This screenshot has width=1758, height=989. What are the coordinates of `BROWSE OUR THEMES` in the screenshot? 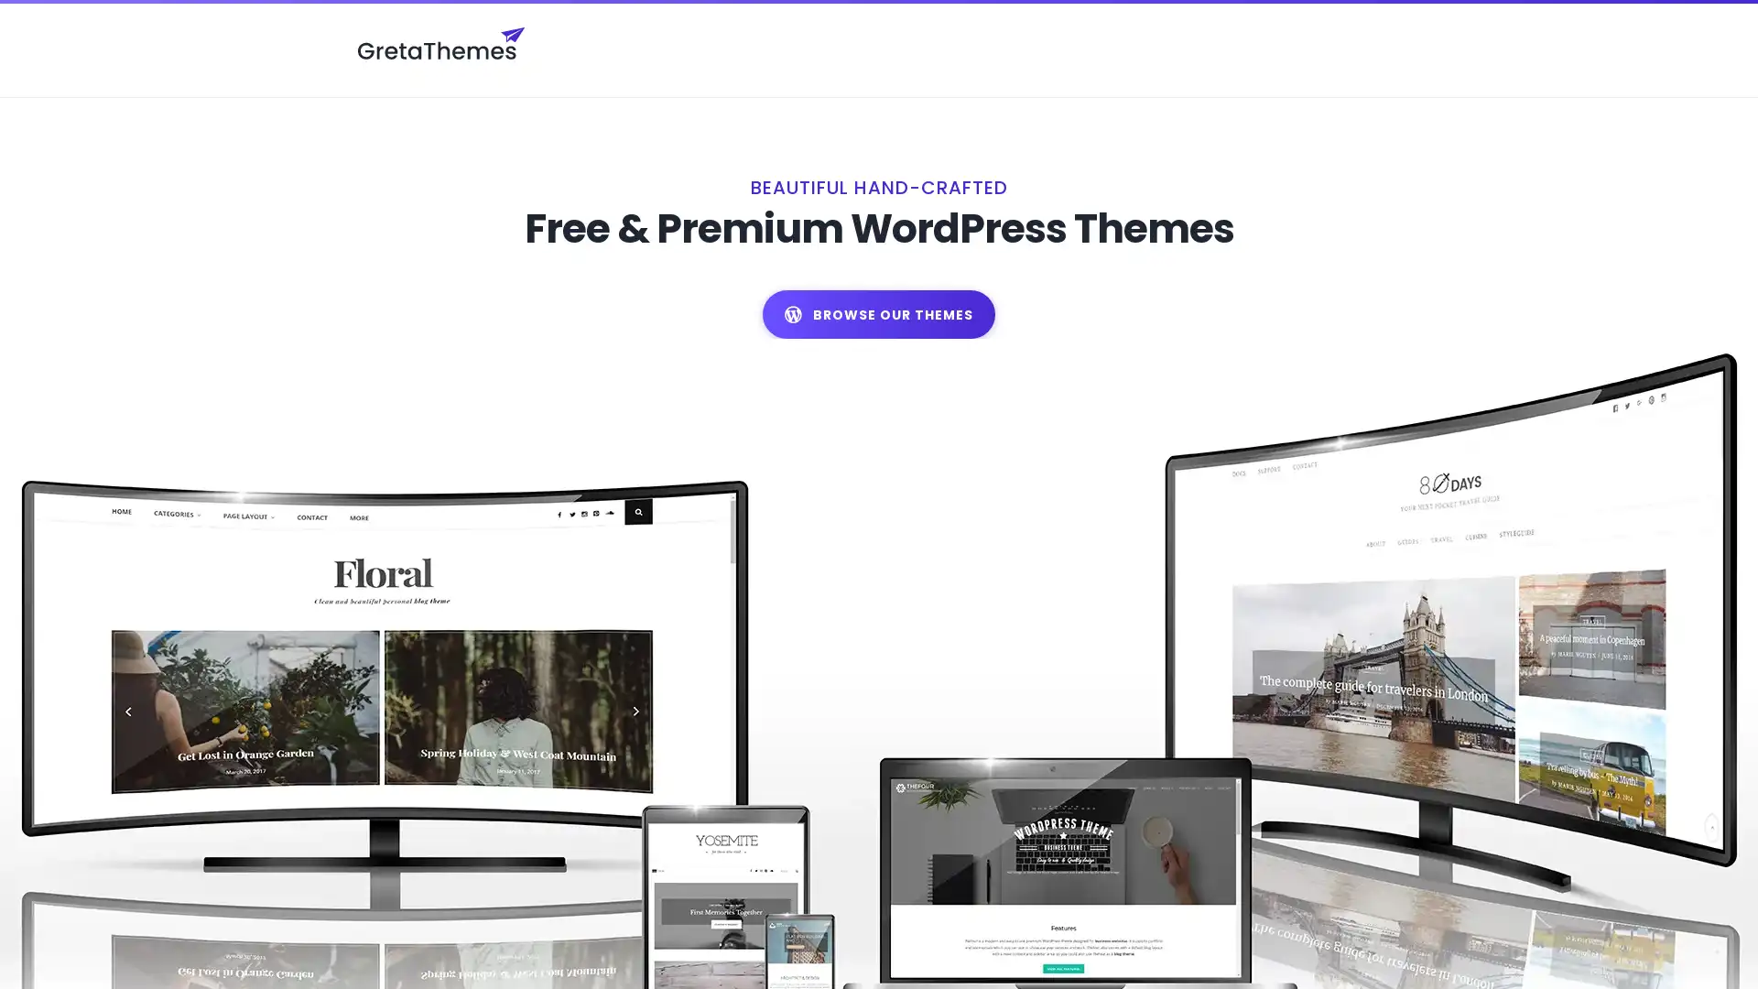 It's located at (879, 313).